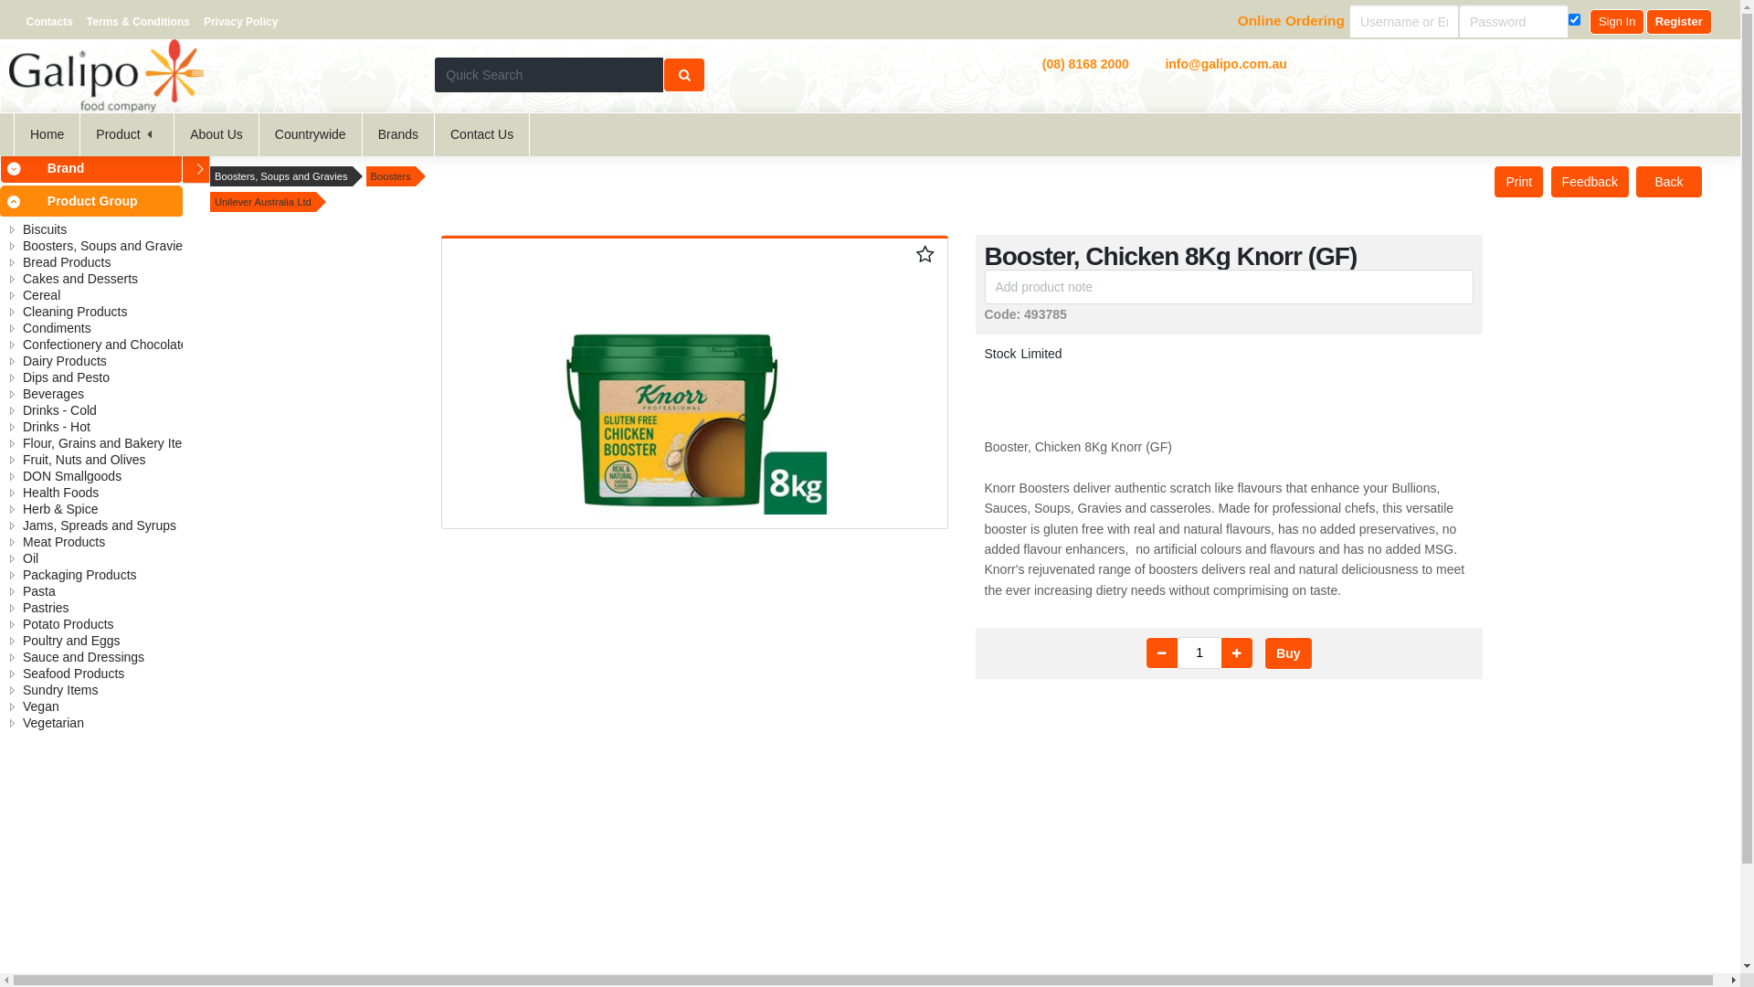 The height and width of the screenshot is (987, 1754). I want to click on 'Boosters', so click(389, 175).